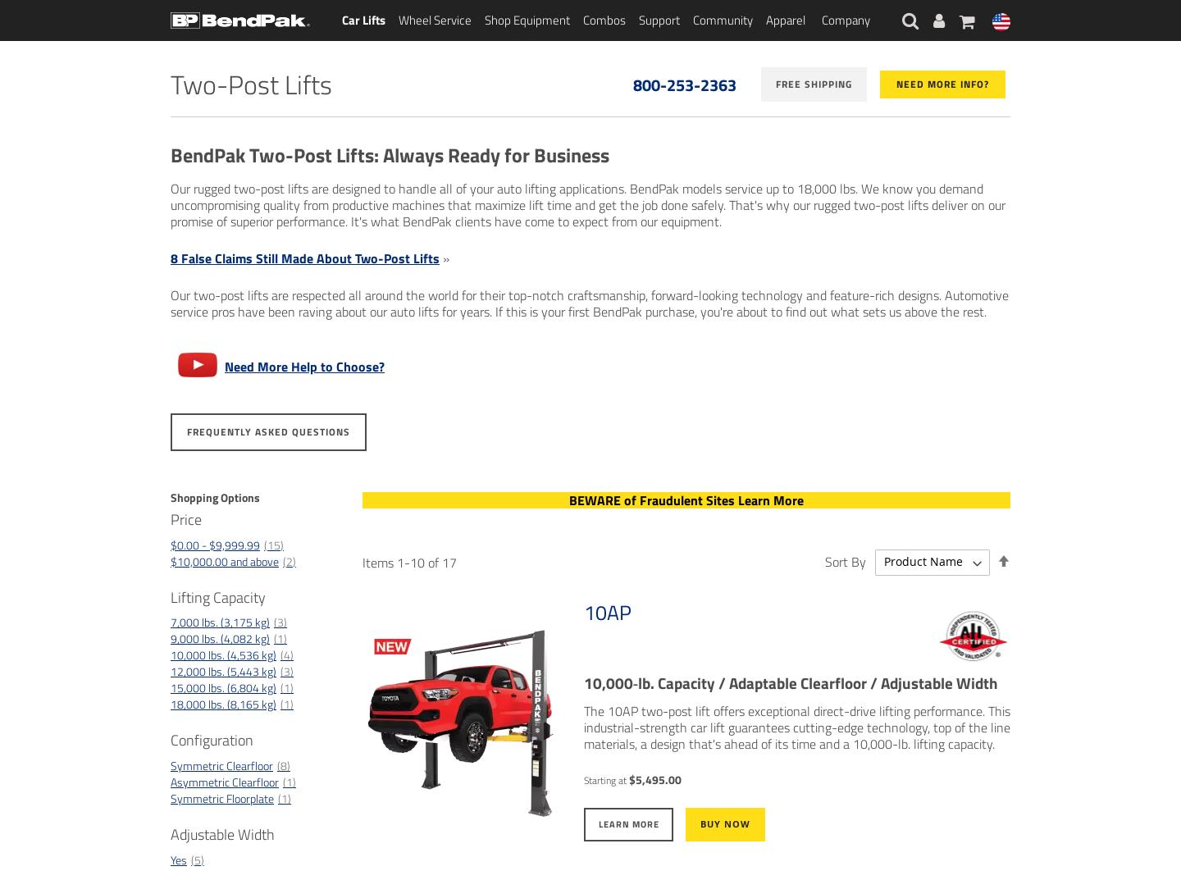  Describe the element at coordinates (179, 859) in the screenshot. I see `'Yes'` at that location.